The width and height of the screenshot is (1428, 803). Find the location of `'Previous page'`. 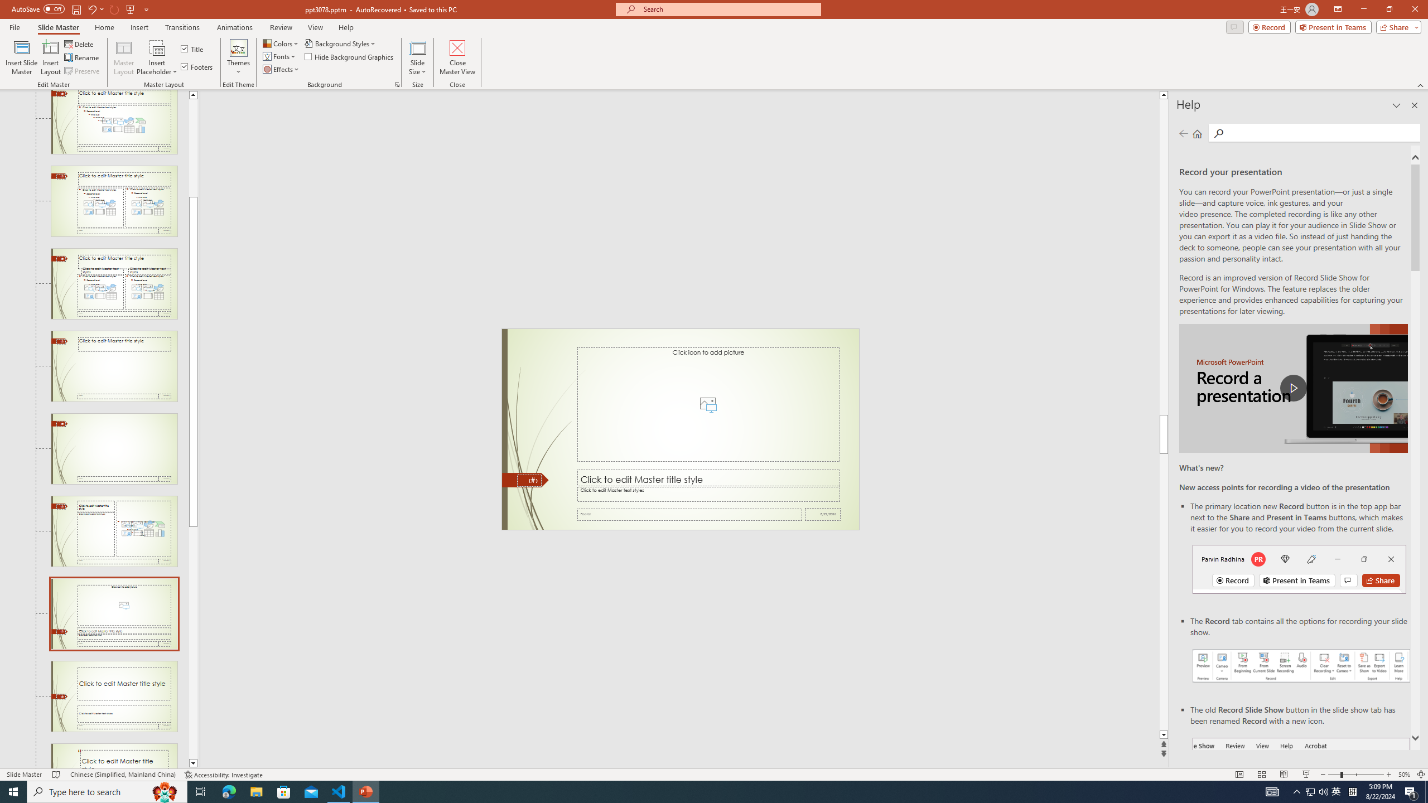

'Previous page' is located at coordinates (1183, 133).